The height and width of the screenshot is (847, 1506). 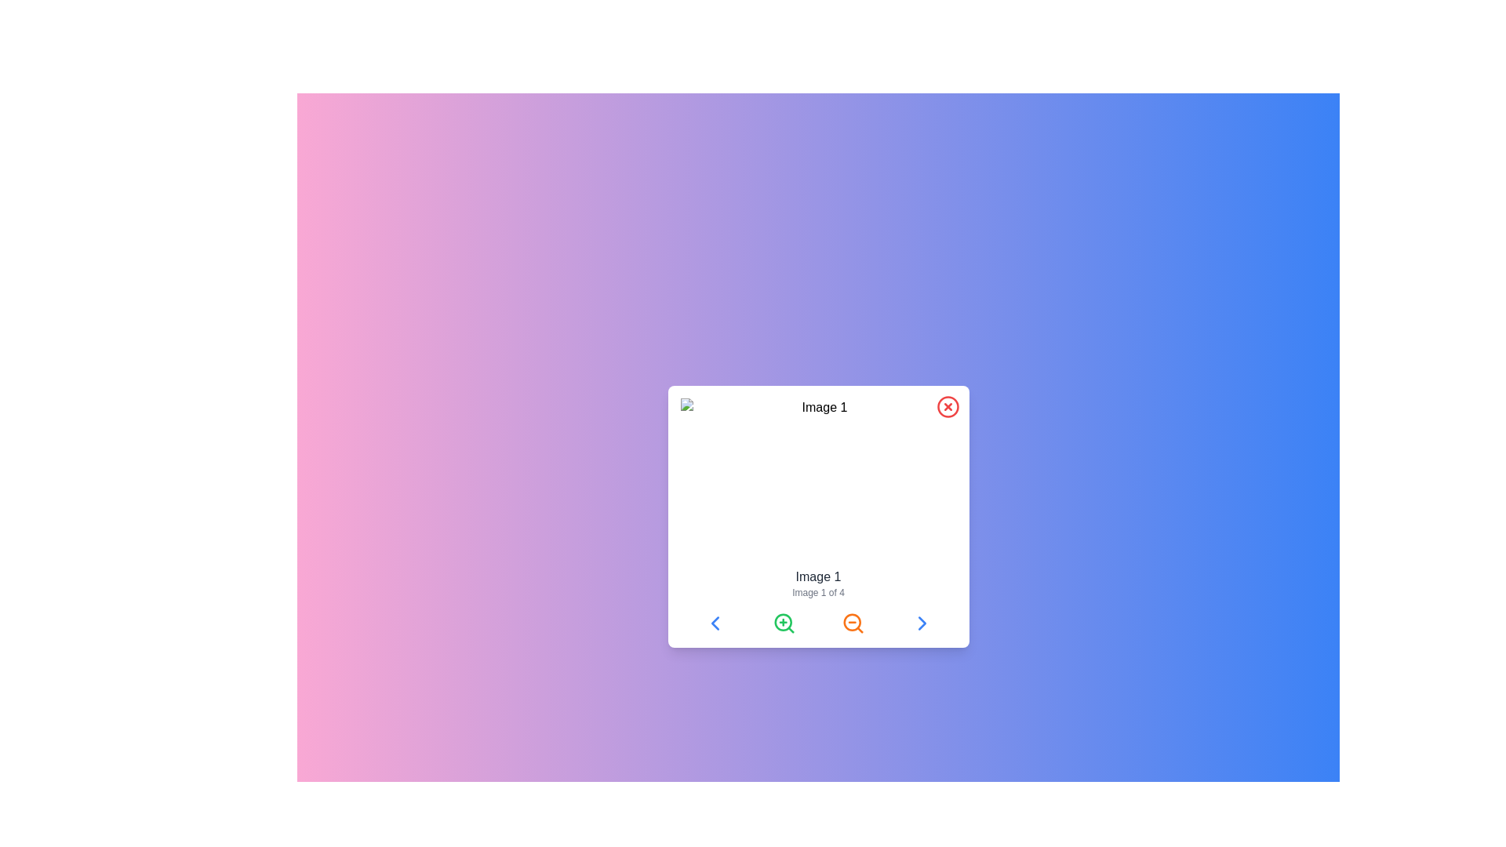 What do you see at coordinates (714, 622) in the screenshot?
I see `the navigation icon located near the left-bottom side of the modal area` at bounding box center [714, 622].